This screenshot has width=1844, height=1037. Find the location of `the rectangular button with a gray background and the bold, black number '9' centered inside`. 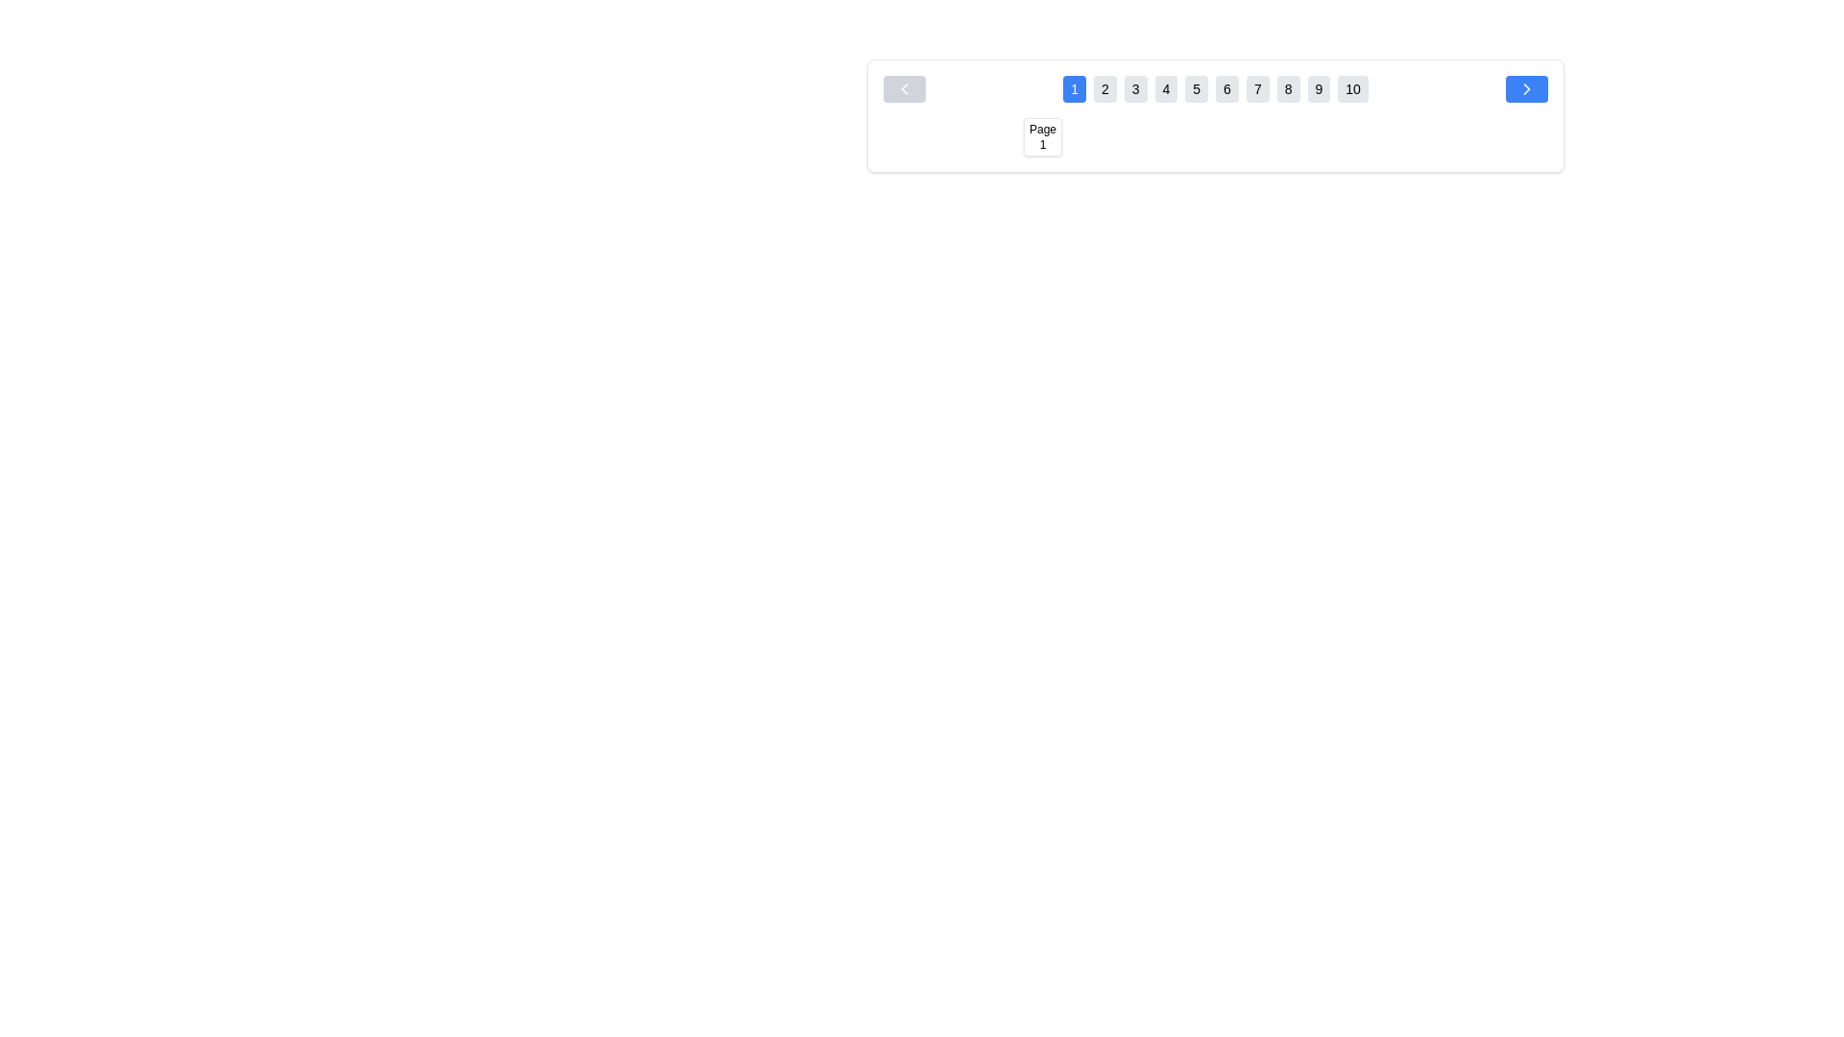

the rectangular button with a gray background and the bold, black number '9' centered inside is located at coordinates (1318, 88).